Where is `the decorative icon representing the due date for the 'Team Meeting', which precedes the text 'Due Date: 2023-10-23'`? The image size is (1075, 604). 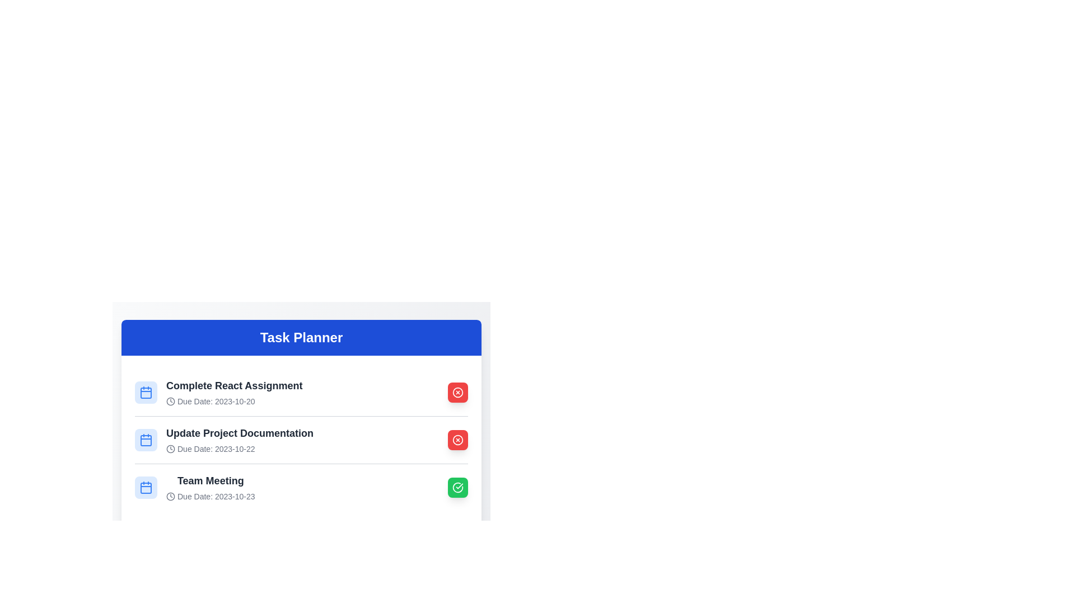 the decorative icon representing the due date for the 'Team Meeting', which precedes the text 'Due Date: 2023-10-23' is located at coordinates (170, 496).